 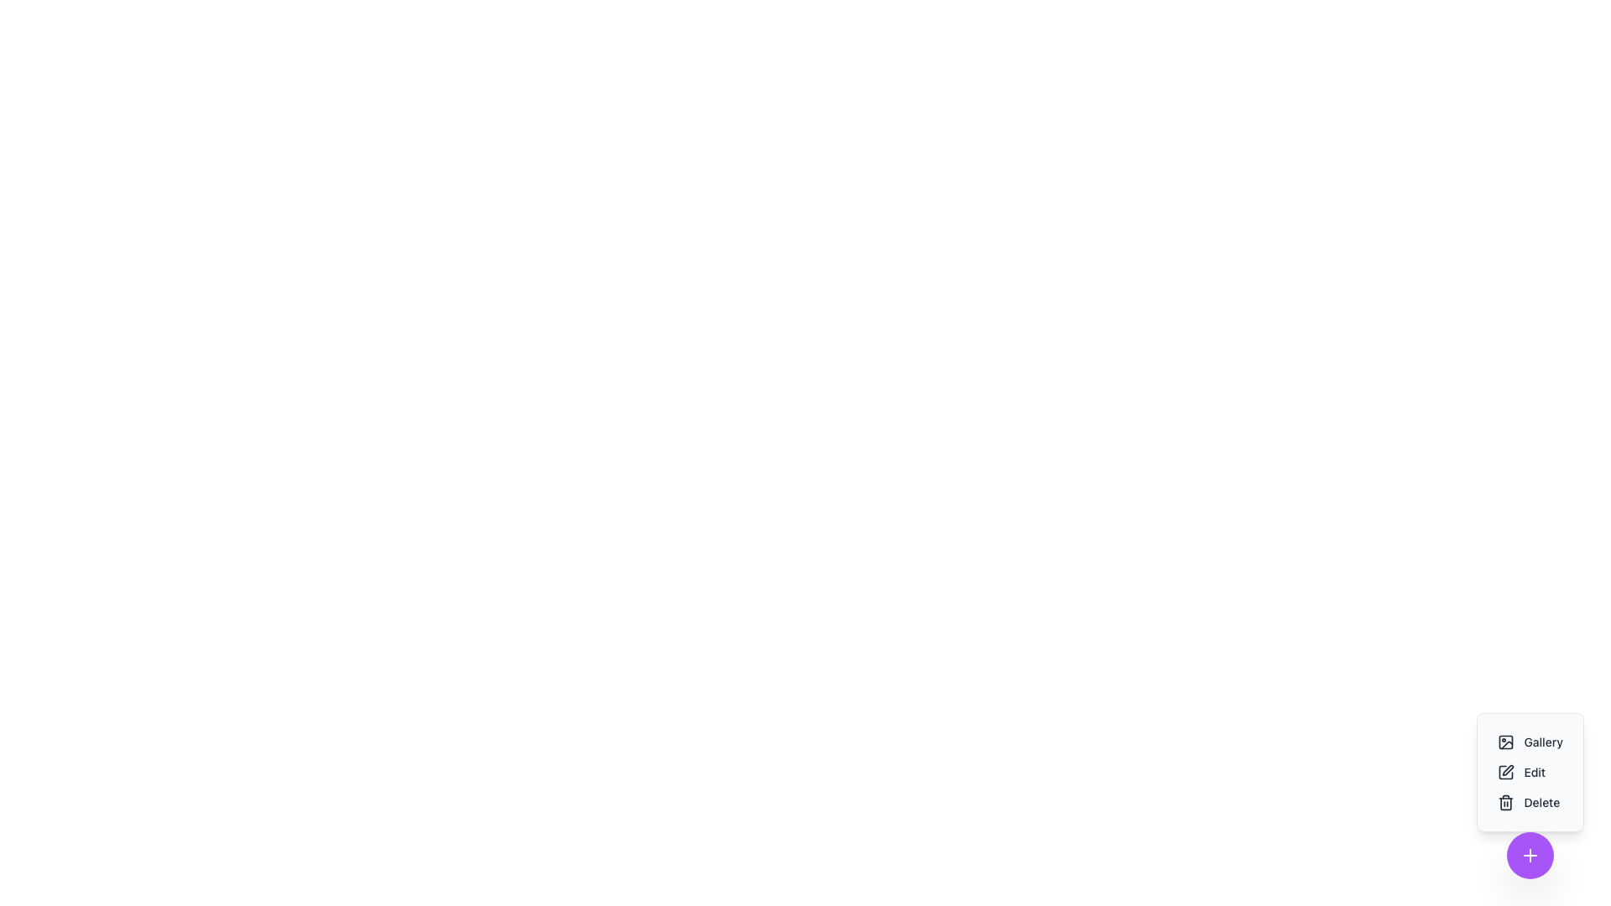 What do you see at coordinates (1530, 855) in the screenshot?
I see `the SVG icon representing a plus symbol located within a circular button at the bottom right corner of the interface` at bounding box center [1530, 855].